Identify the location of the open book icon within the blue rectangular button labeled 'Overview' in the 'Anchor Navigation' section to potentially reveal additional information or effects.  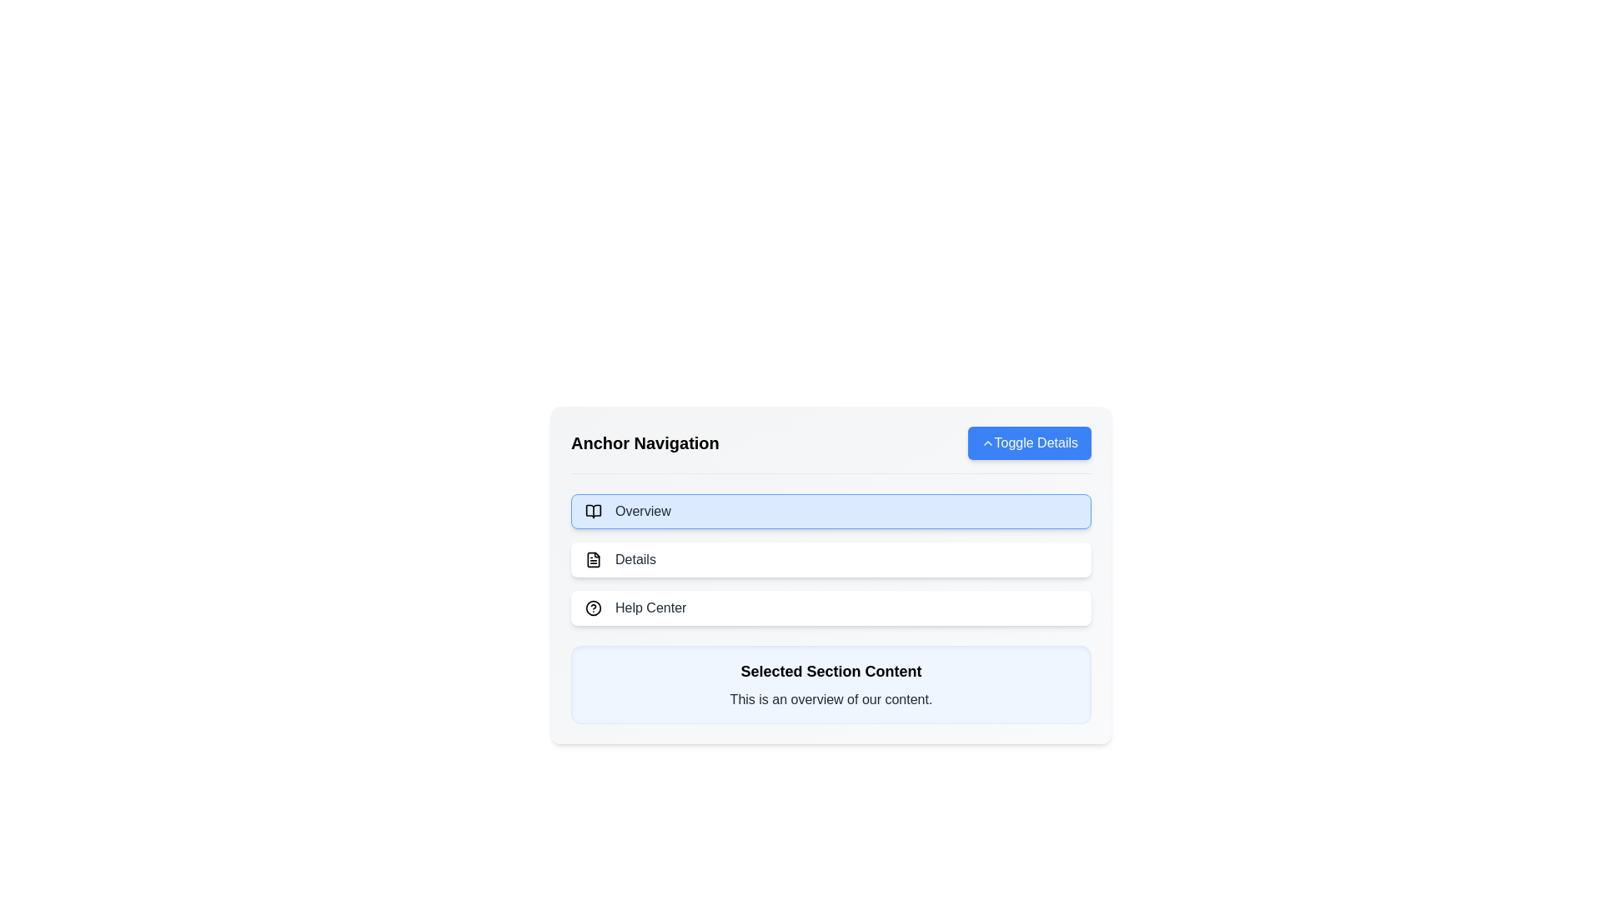
(593, 510).